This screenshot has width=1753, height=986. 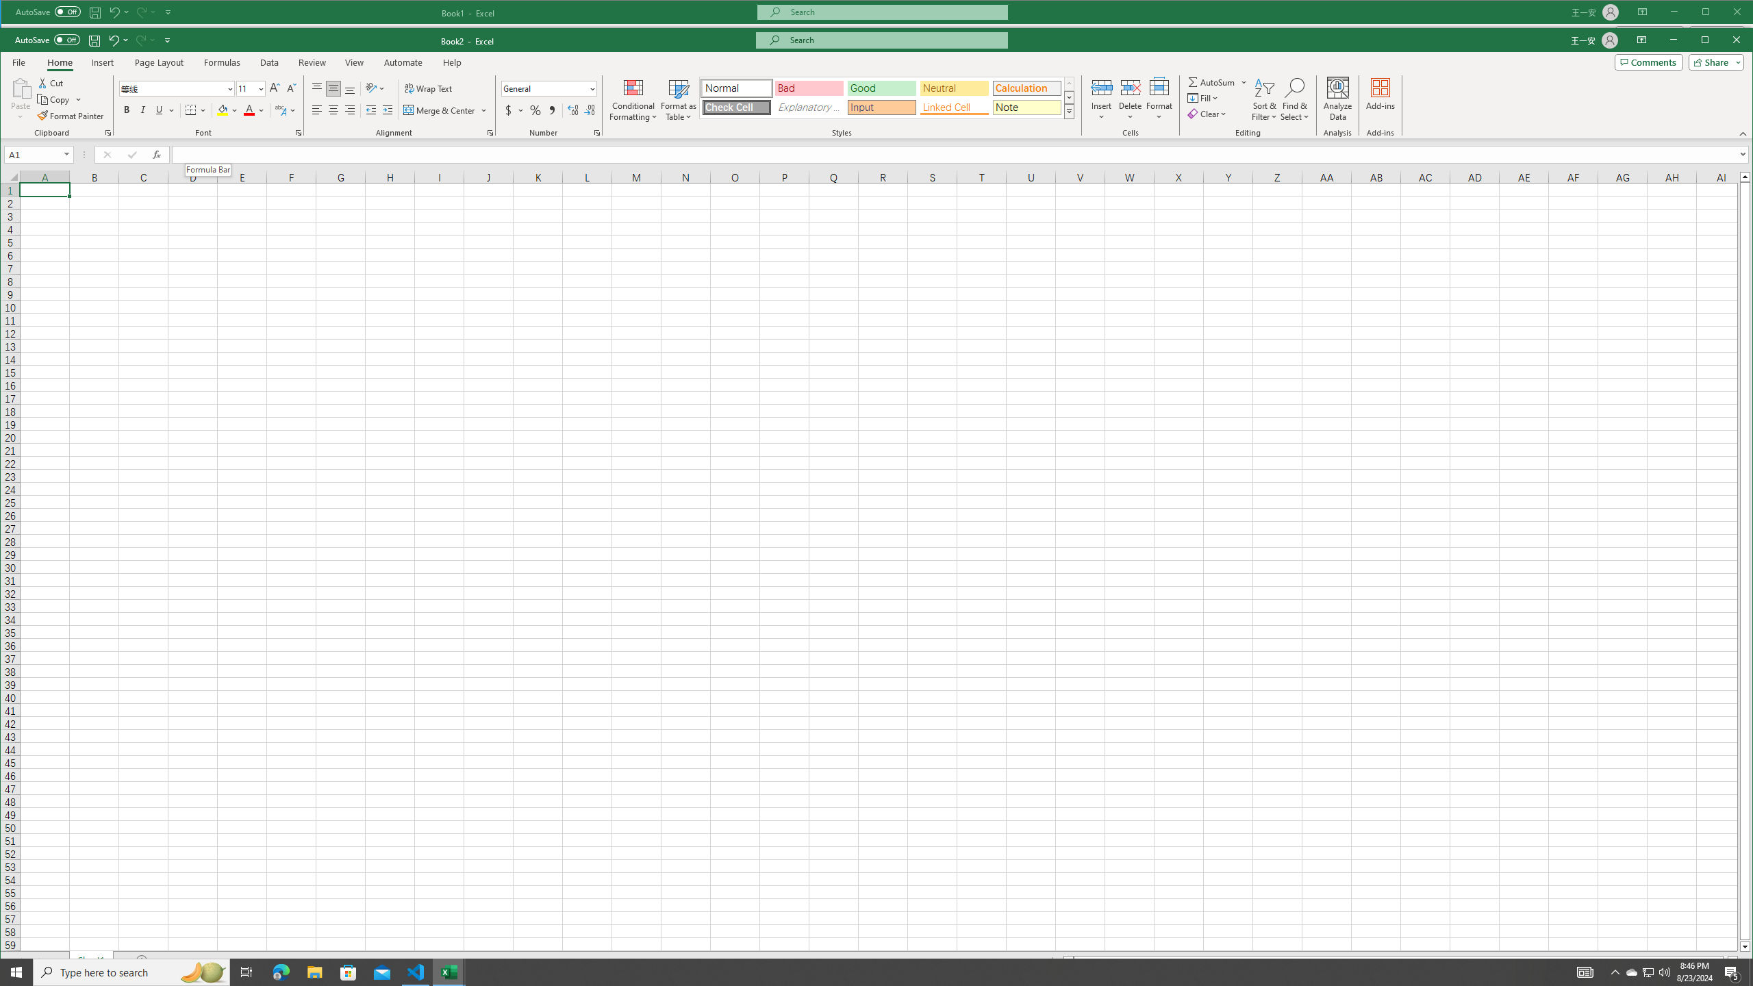 What do you see at coordinates (737, 87) in the screenshot?
I see `'Normal'` at bounding box center [737, 87].